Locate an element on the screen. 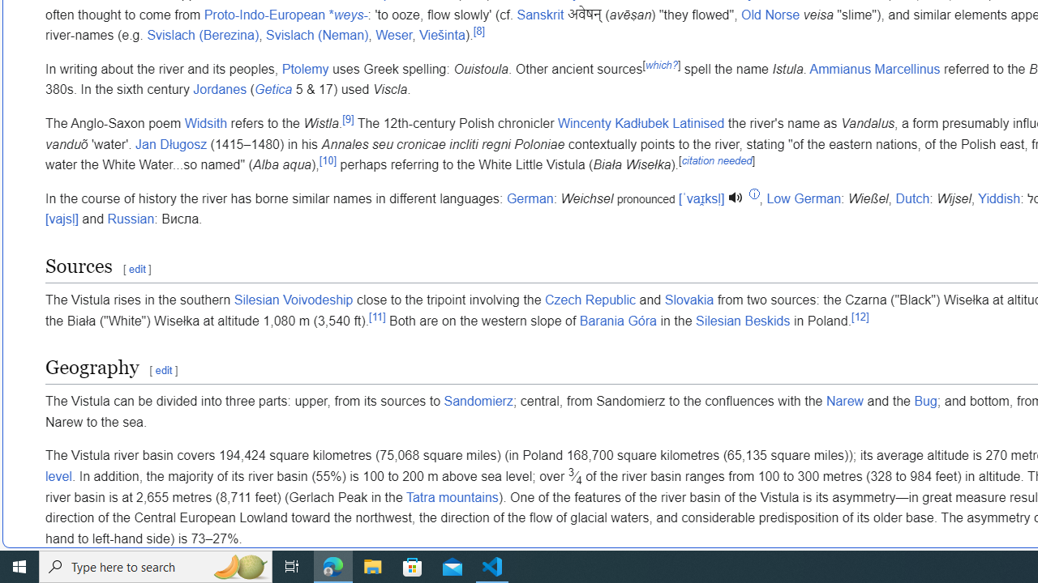 The height and width of the screenshot is (583, 1038). 'Widsith' is located at coordinates (205, 122).